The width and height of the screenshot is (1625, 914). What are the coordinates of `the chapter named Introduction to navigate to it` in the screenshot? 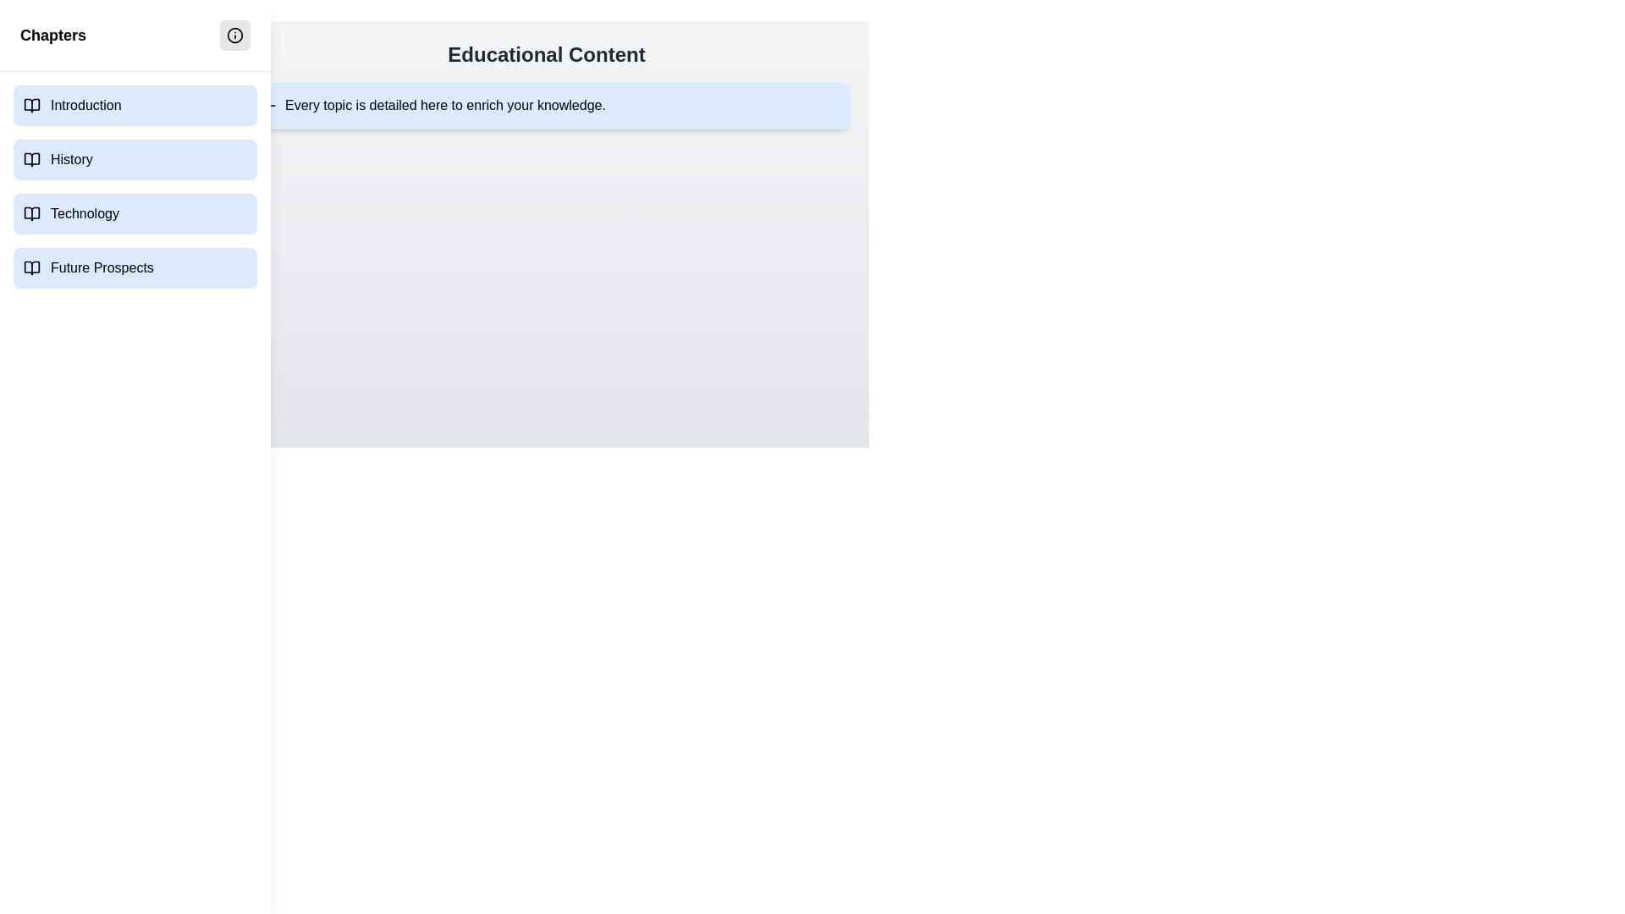 It's located at (134, 105).